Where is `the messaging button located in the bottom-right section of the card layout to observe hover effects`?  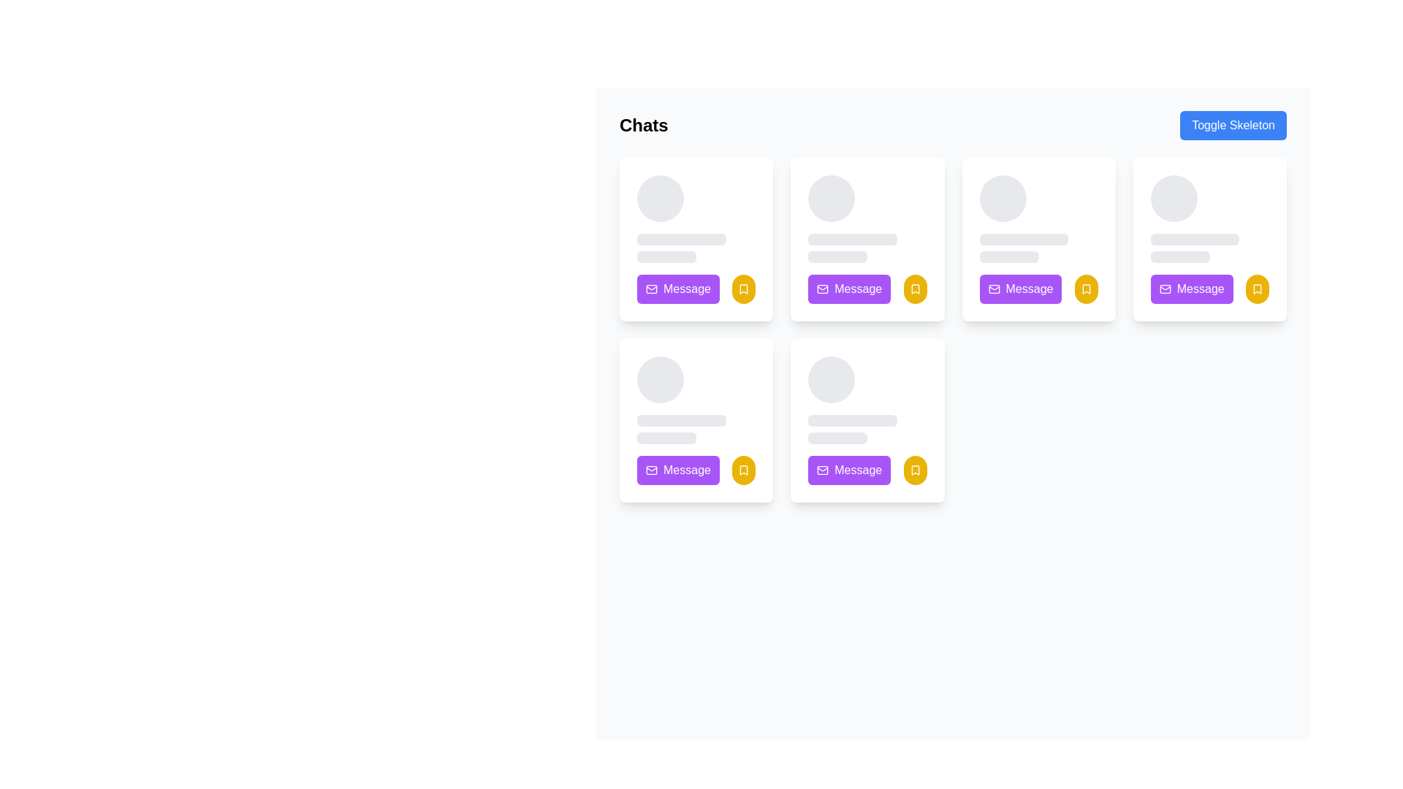
the messaging button located in the bottom-right section of the card layout to observe hover effects is located at coordinates (1192, 289).